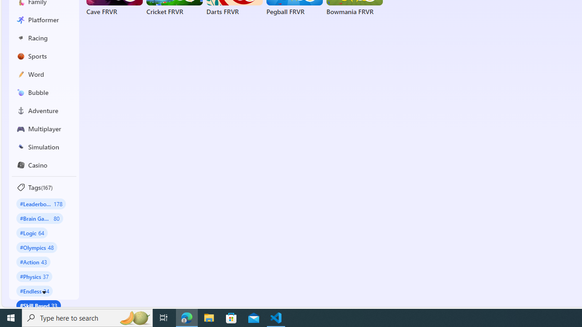 Image resolution: width=582 pixels, height=327 pixels. I want to click on '#Logic 64', so click(32, 232).